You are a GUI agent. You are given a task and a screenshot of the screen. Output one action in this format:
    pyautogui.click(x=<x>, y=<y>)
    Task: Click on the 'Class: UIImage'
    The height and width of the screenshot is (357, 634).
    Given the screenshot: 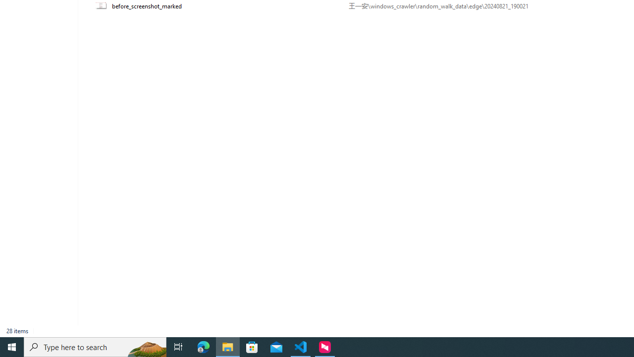 What is the action you would take?
    pyautogui.click(x=102, y=6)
    